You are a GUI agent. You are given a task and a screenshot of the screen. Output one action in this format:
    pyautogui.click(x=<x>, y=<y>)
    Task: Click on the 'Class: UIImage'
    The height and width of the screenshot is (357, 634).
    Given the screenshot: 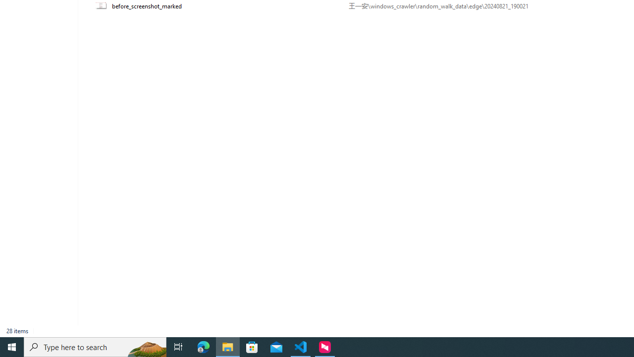 What is the action you would take?
    pyautogui.click(x=102, y=6)
    